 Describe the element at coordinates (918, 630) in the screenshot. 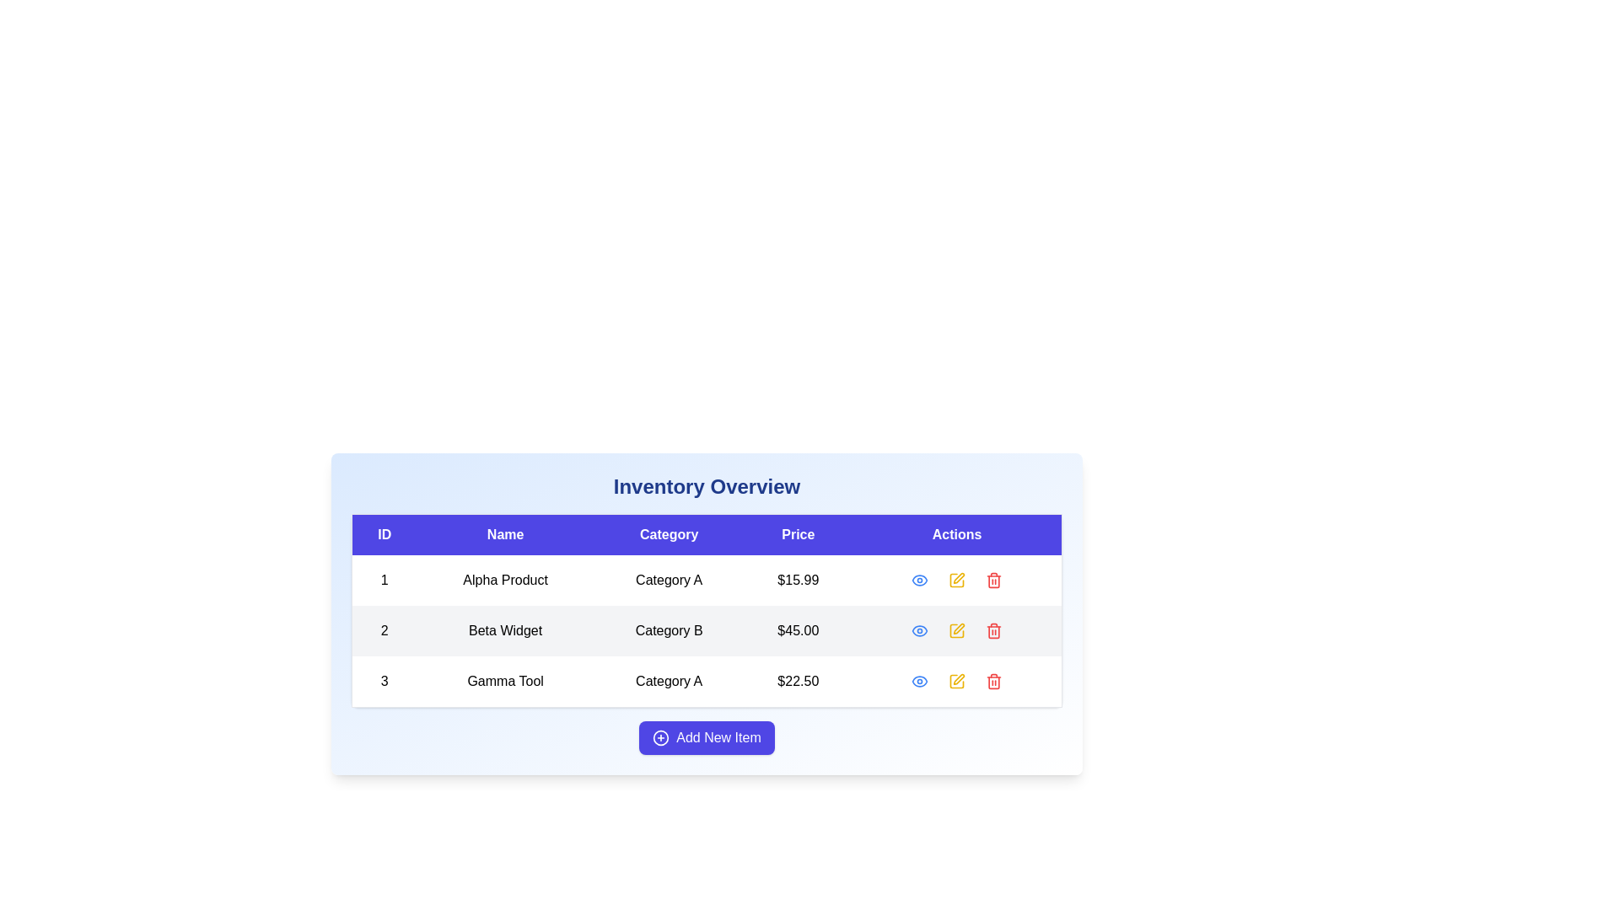

I see `the blue-eye-shaped icon button in the 'Actions' column` at that location.